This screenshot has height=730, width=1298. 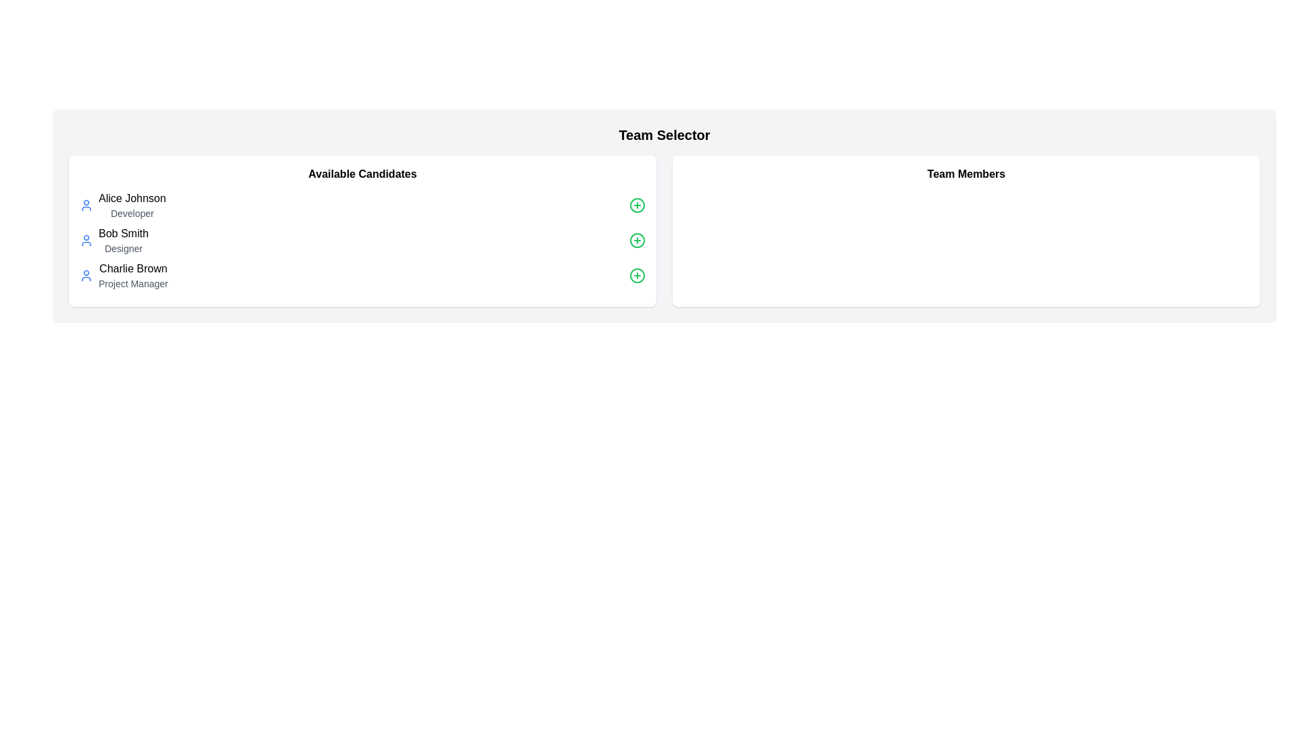 What do you see at coordinates (86, 205) in the screenshot?
I see `the user silhouette icon in blue color representing 'Alice Johnson', the first candidate in the list` at bounding box center [86, 205].